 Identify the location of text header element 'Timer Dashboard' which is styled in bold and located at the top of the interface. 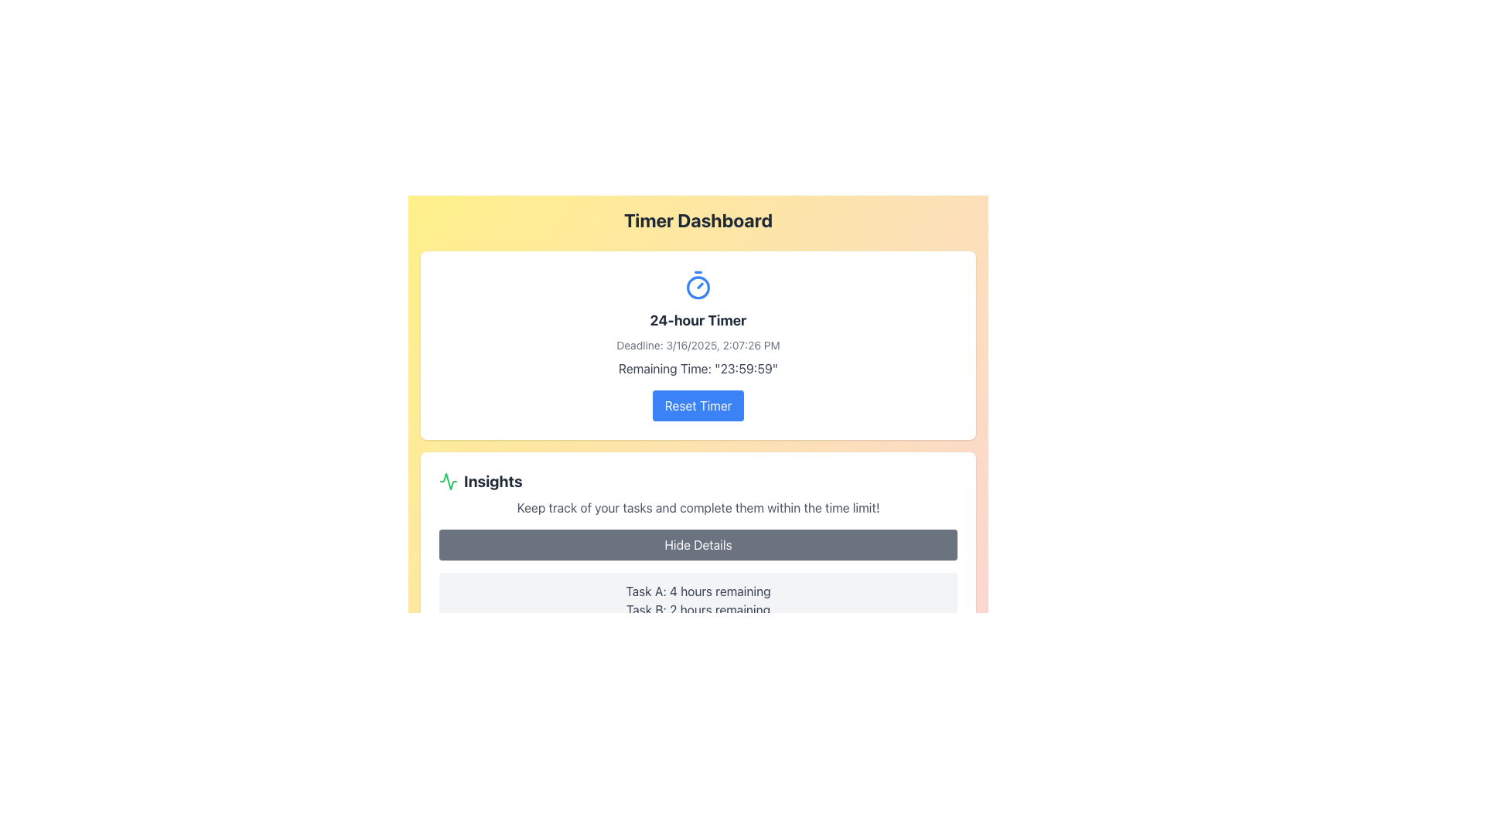
(697, 220).